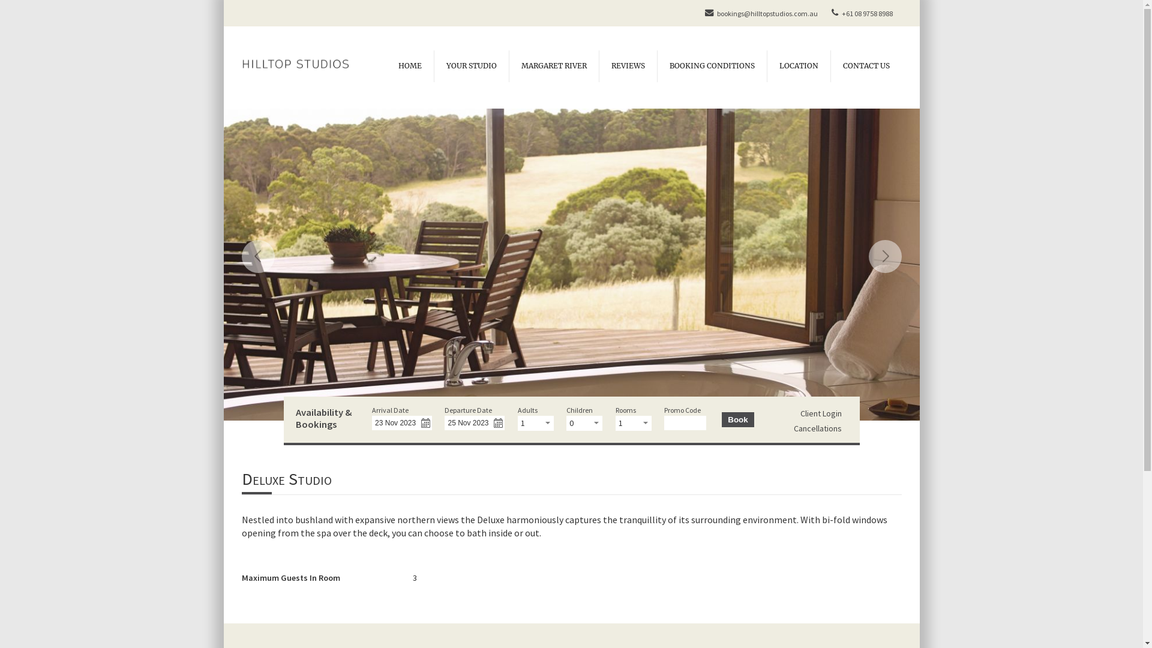 The image size is (1152, 648). I want to click on 'YOUR STUDIO', so click(470, 66).